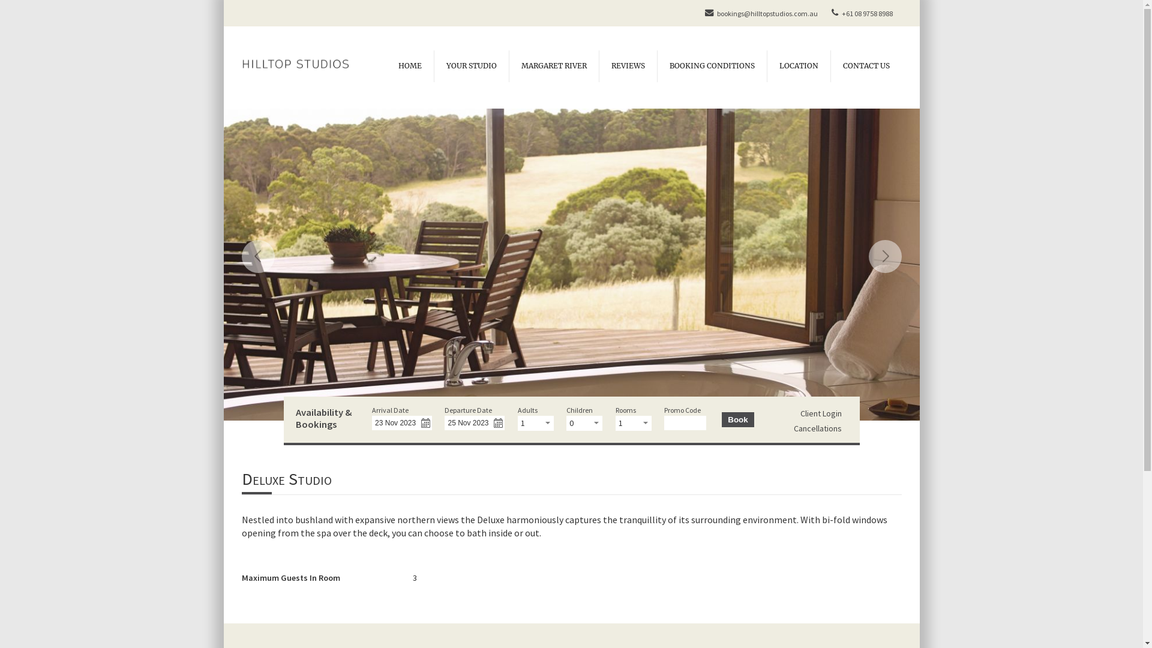 The image size is (1152, 648). I want to click on 'YOUR STUDIO', so click(470, 66).